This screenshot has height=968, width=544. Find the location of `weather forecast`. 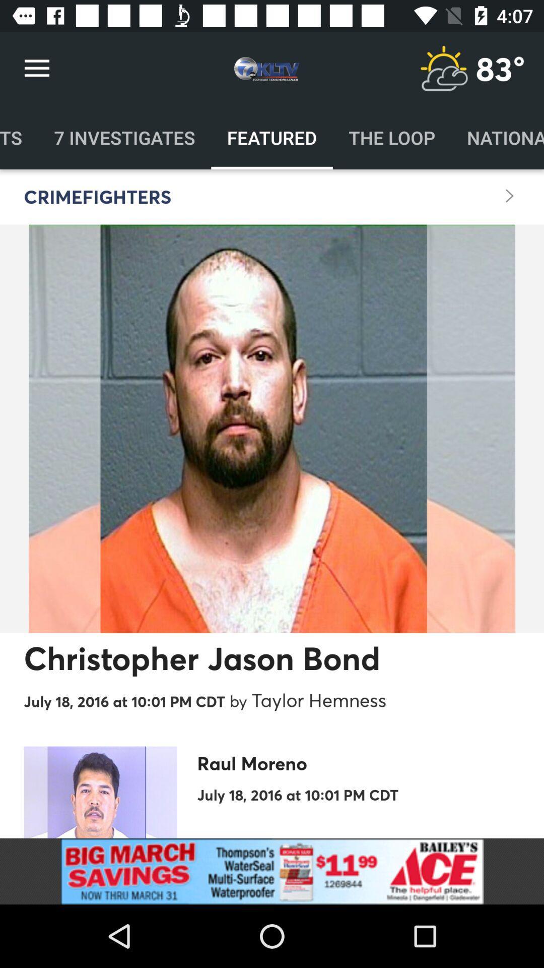

weather forecast is located at coordinates (443, 68).